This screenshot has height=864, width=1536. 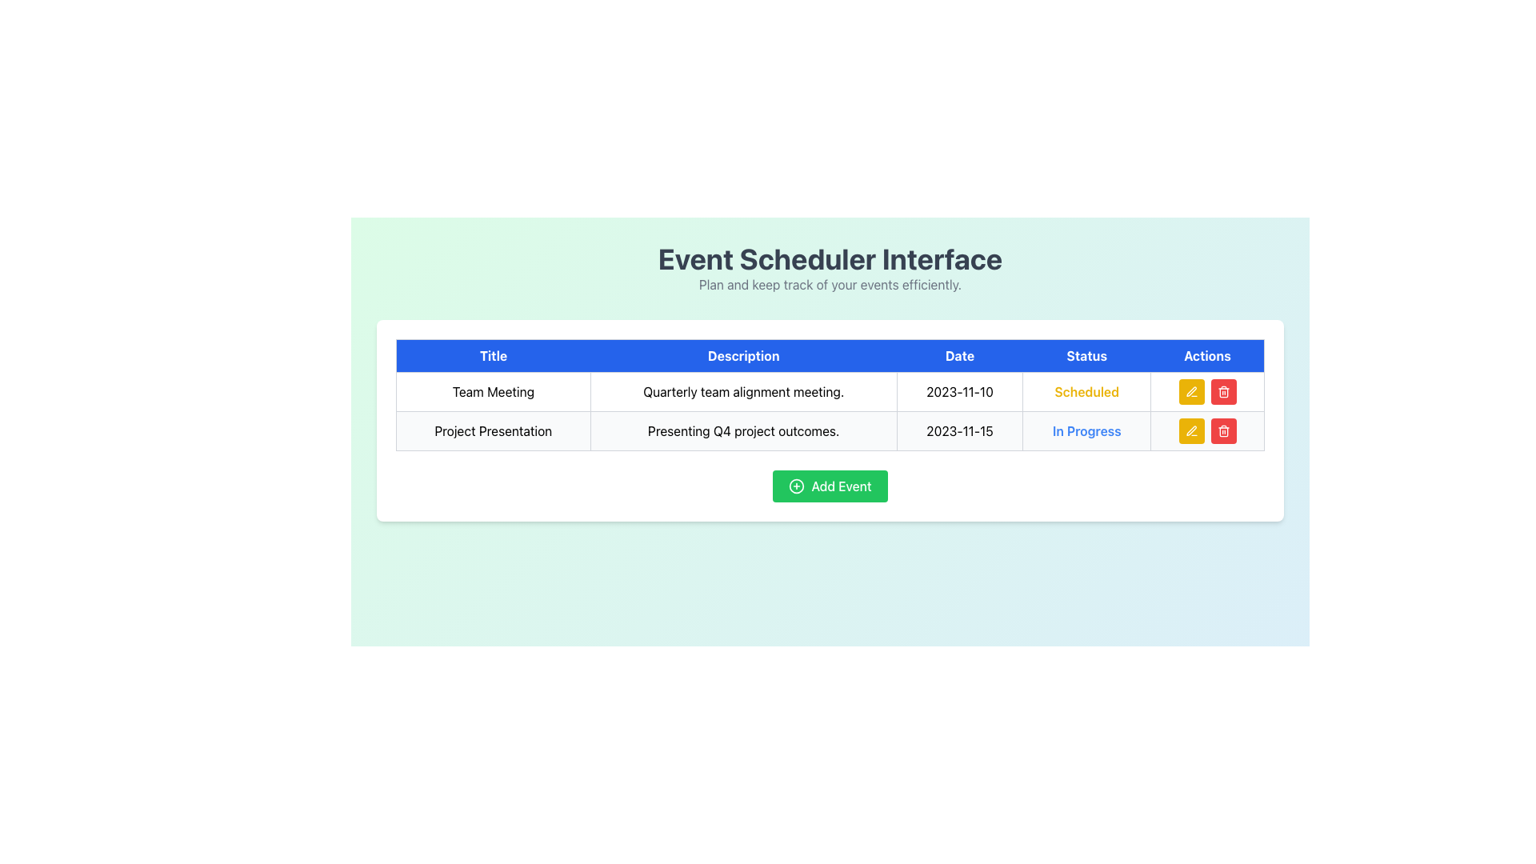 What do you see at coordinates (1086, 391) in the screenshot?
I see `the static text label displaying 'Scheduled' in yellow with a bold font, located in the fourth column of the first row in the Event Scheduler Interface table` at bounding box center [1086, 391].